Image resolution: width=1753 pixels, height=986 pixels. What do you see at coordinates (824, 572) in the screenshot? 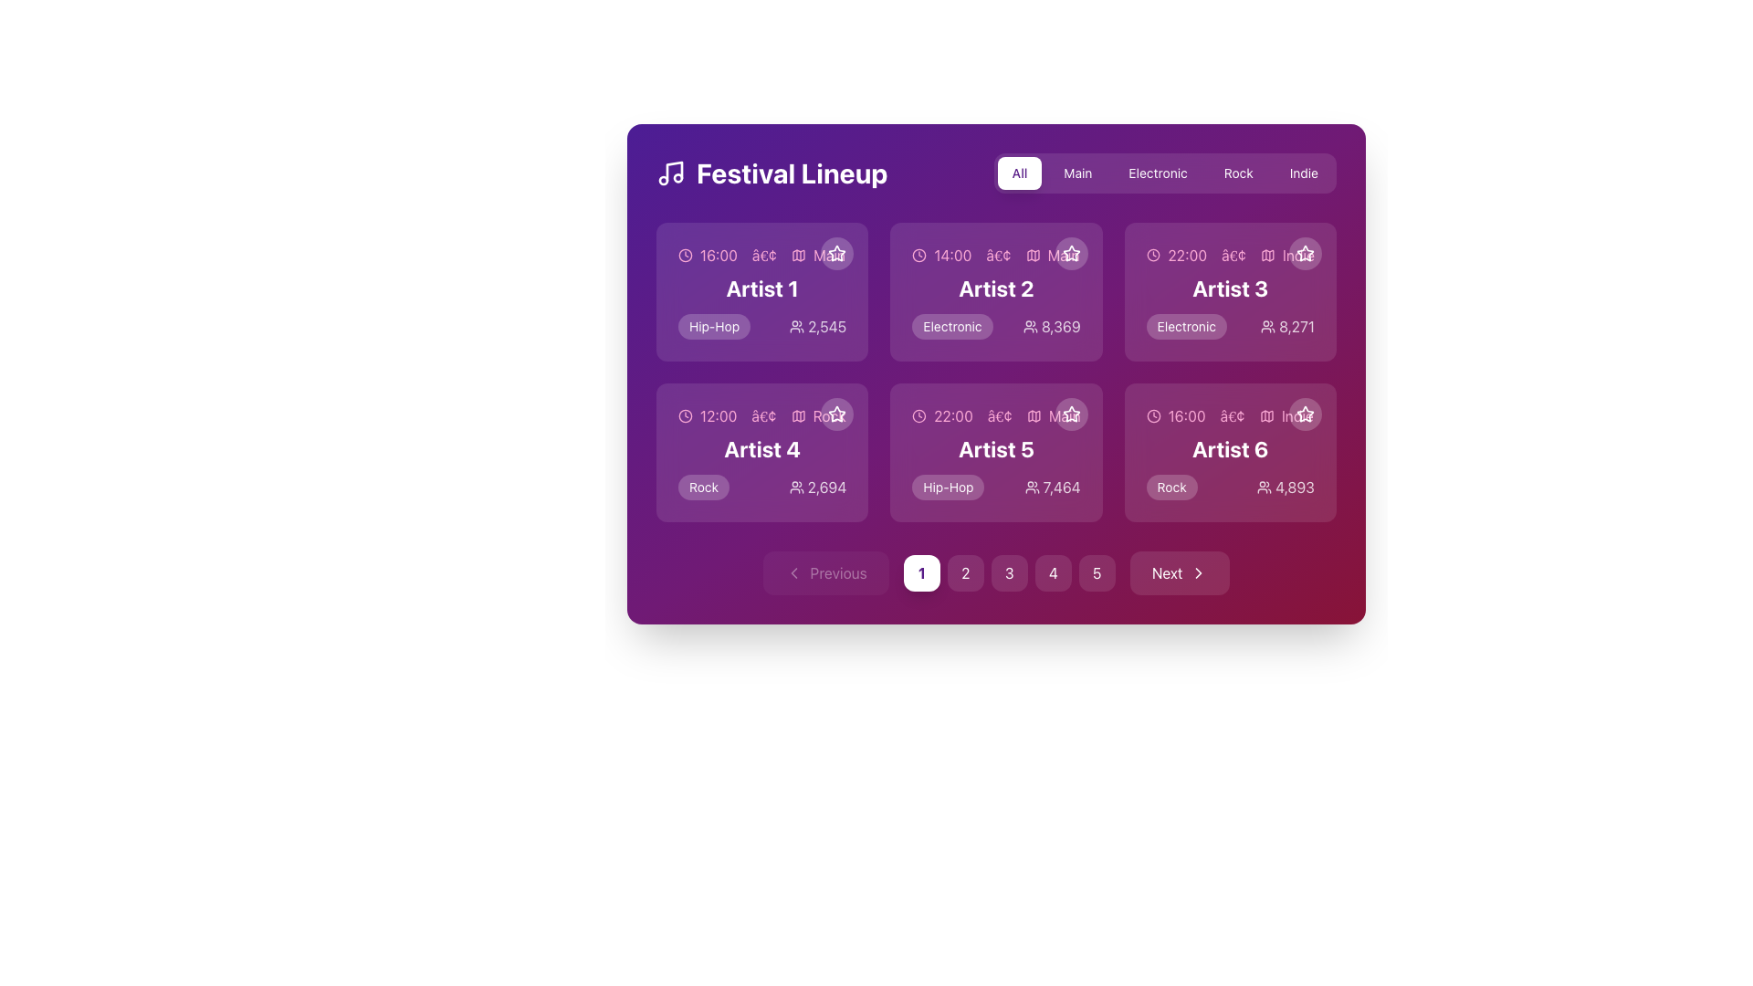
I see `the pagination control's previous button located at the bottom left side to observe its hover effects` at bounding box center [824, 572].